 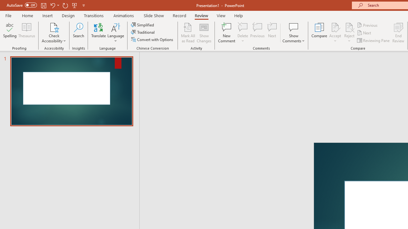 I want to click on 'Traditional', so click(x=143, y=32).